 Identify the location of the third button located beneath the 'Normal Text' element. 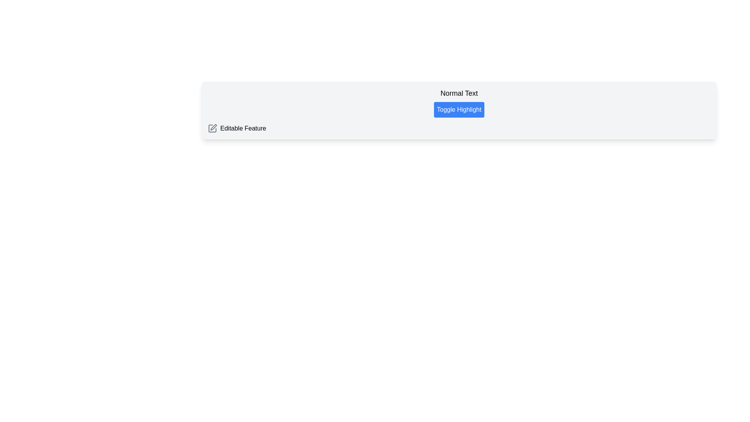
(459, 110).